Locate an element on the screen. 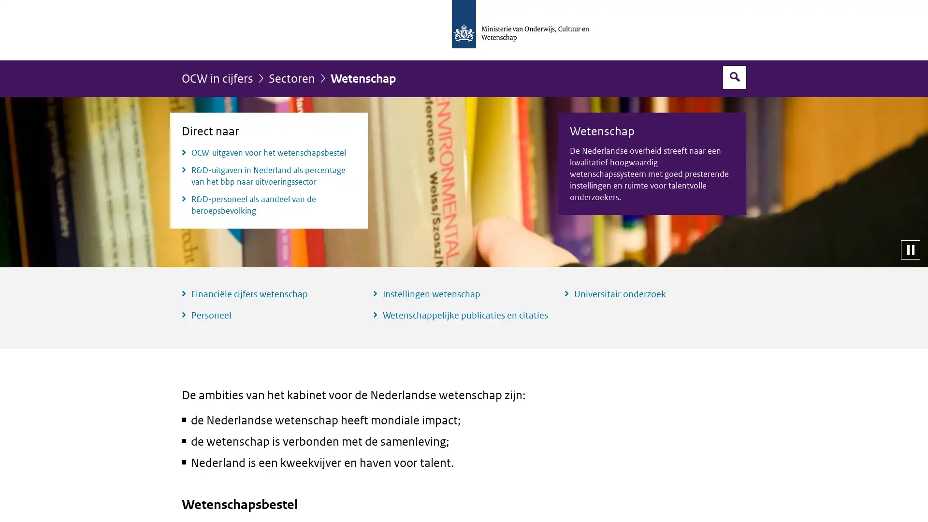 The height and width of the screenshot is (522, 928). Pauzeer diashow is located at coordinates (910, 249).